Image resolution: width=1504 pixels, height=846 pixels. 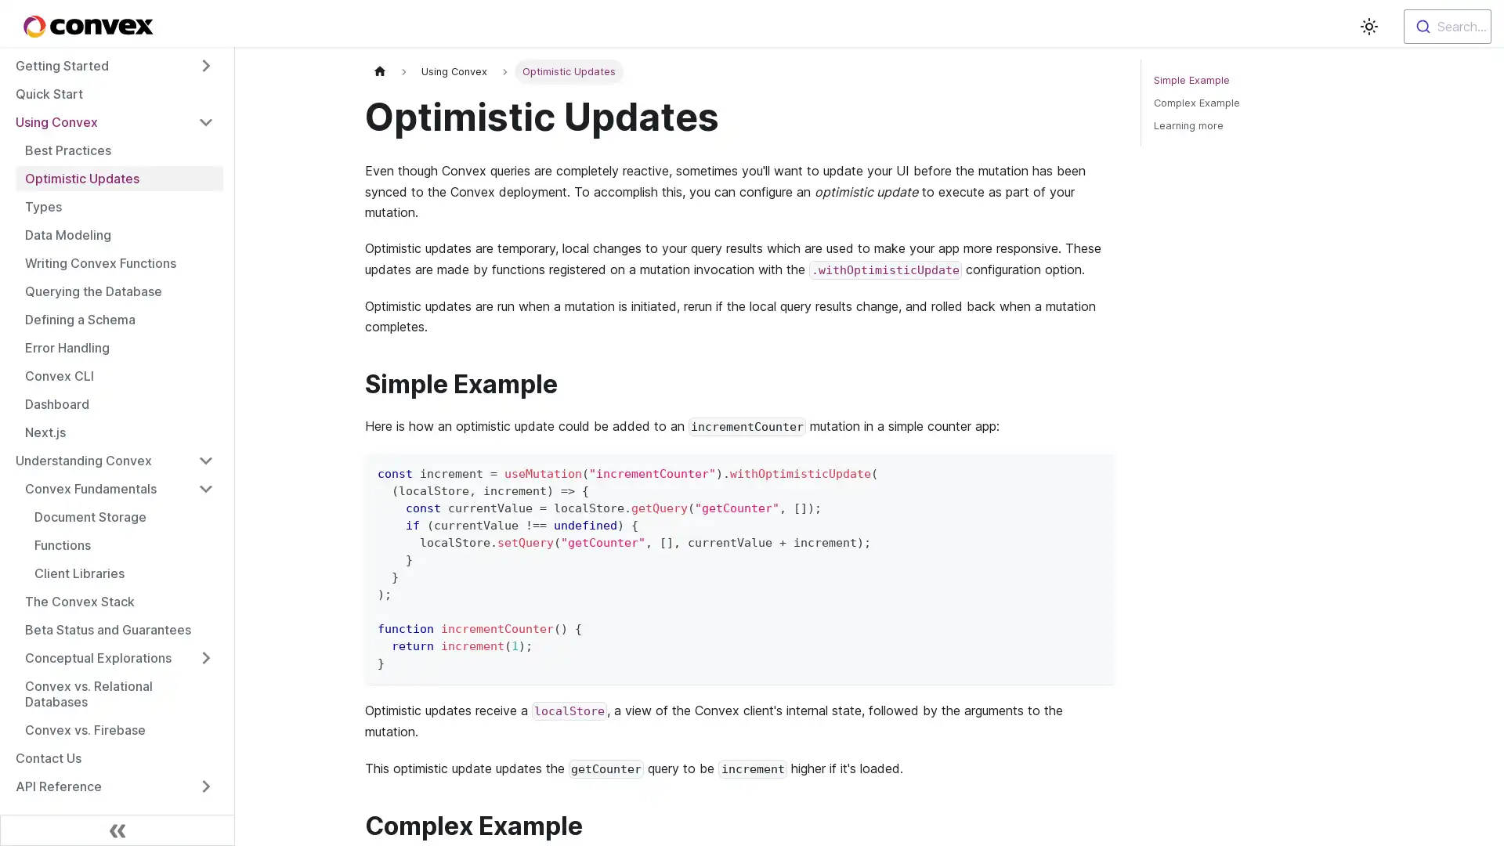 I want to click on Toggle the collapsible sidebar category 'Using Convex', so click(x=205, y=121).